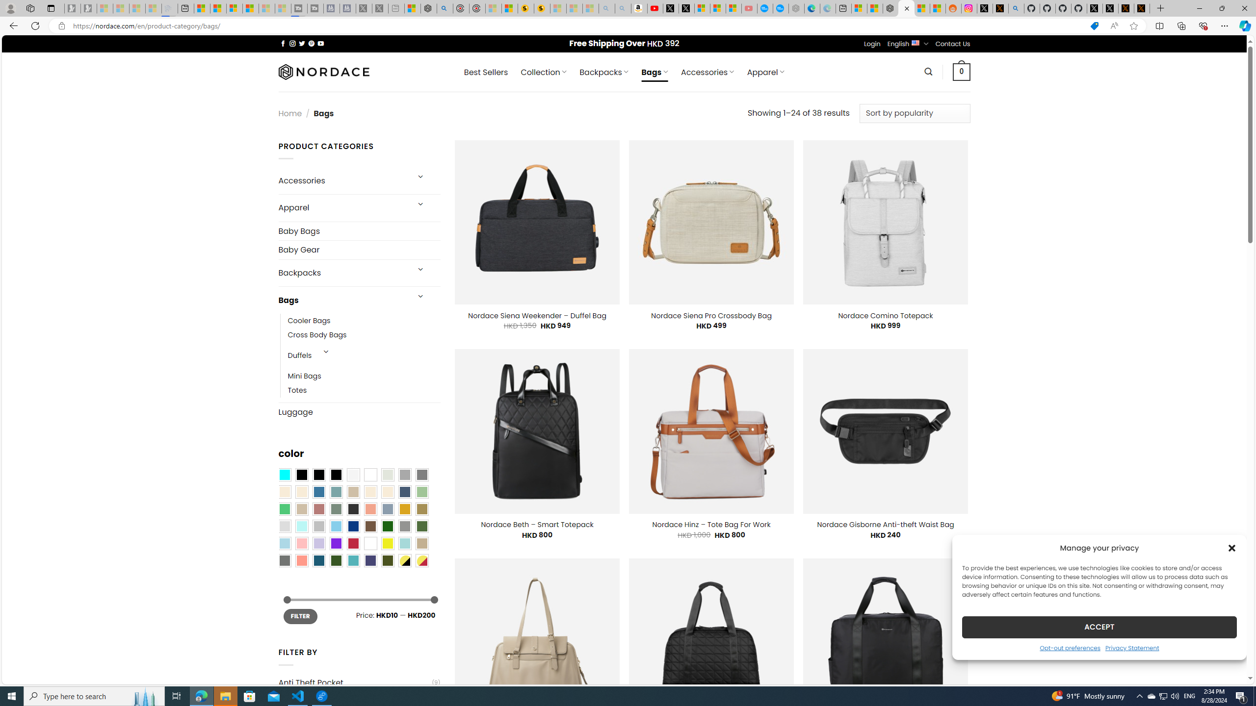 The image size is (1256, 706). What do you see at coordinates (388, 543) in the screenshot?
I see `'Yellow'` at bounding box center [388, 543].